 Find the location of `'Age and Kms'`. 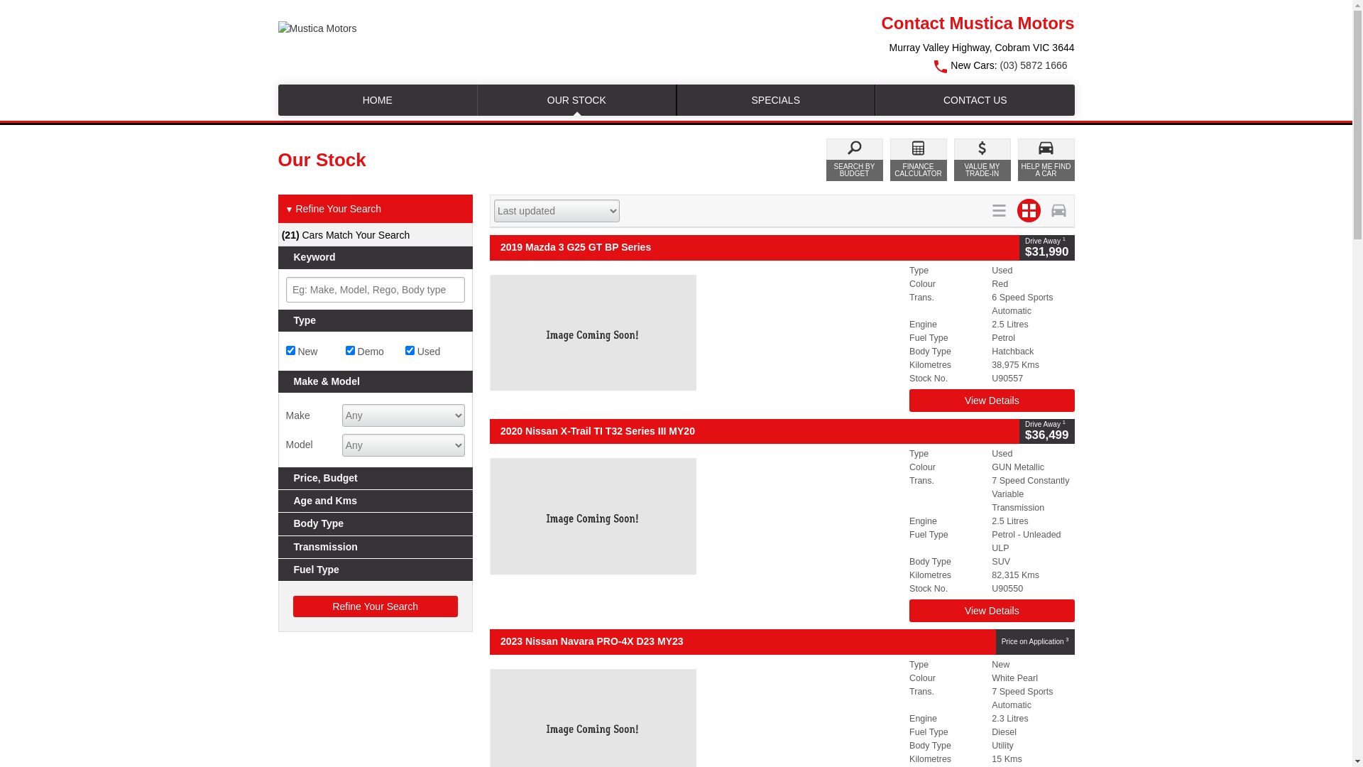

'Age and Kms' is located at coordinates (376, 500).